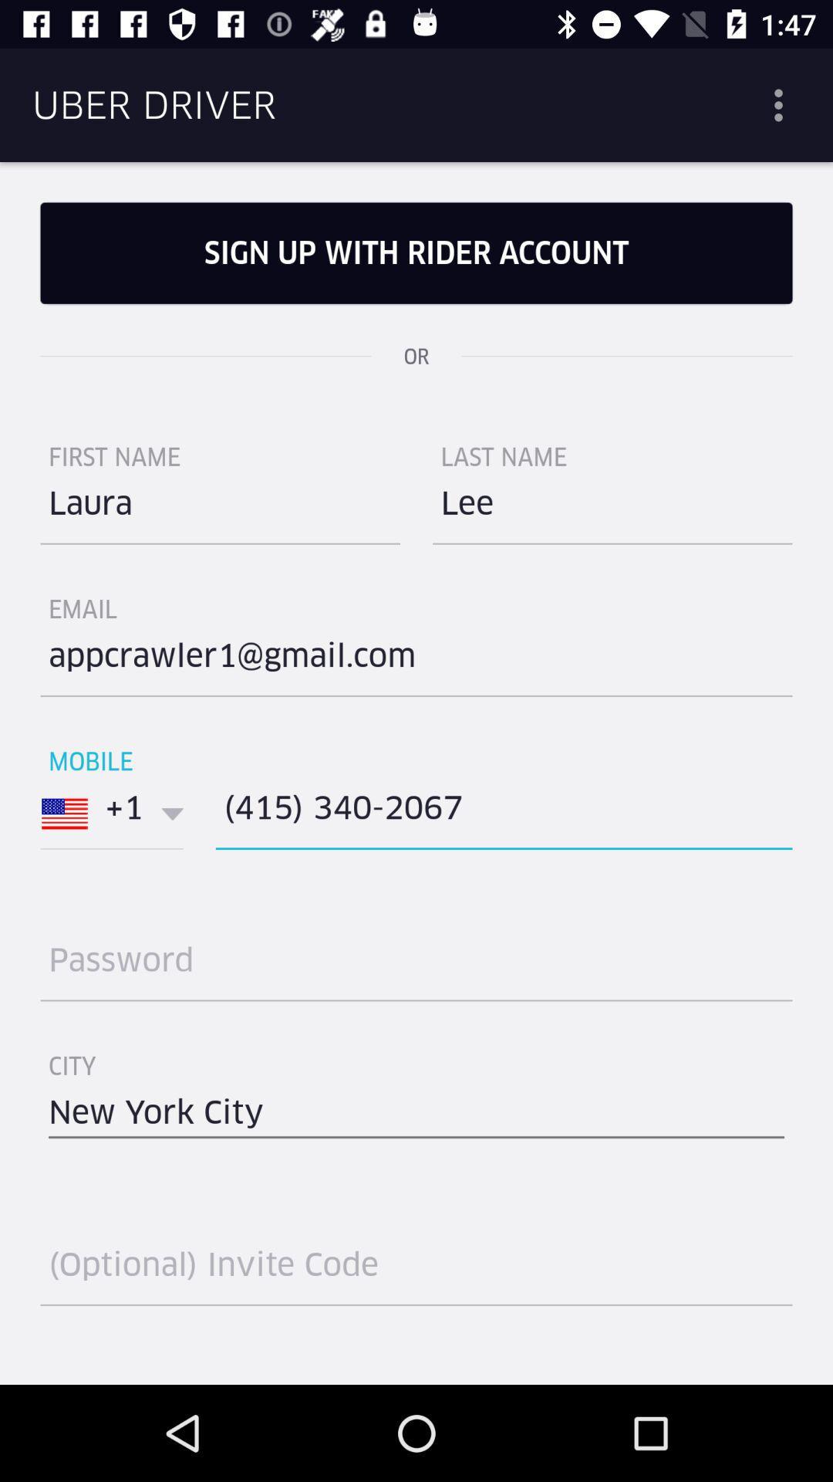 The height and width of the screenshot is (1482, 833). I want to click on optional invite code, so click(416, 1271).